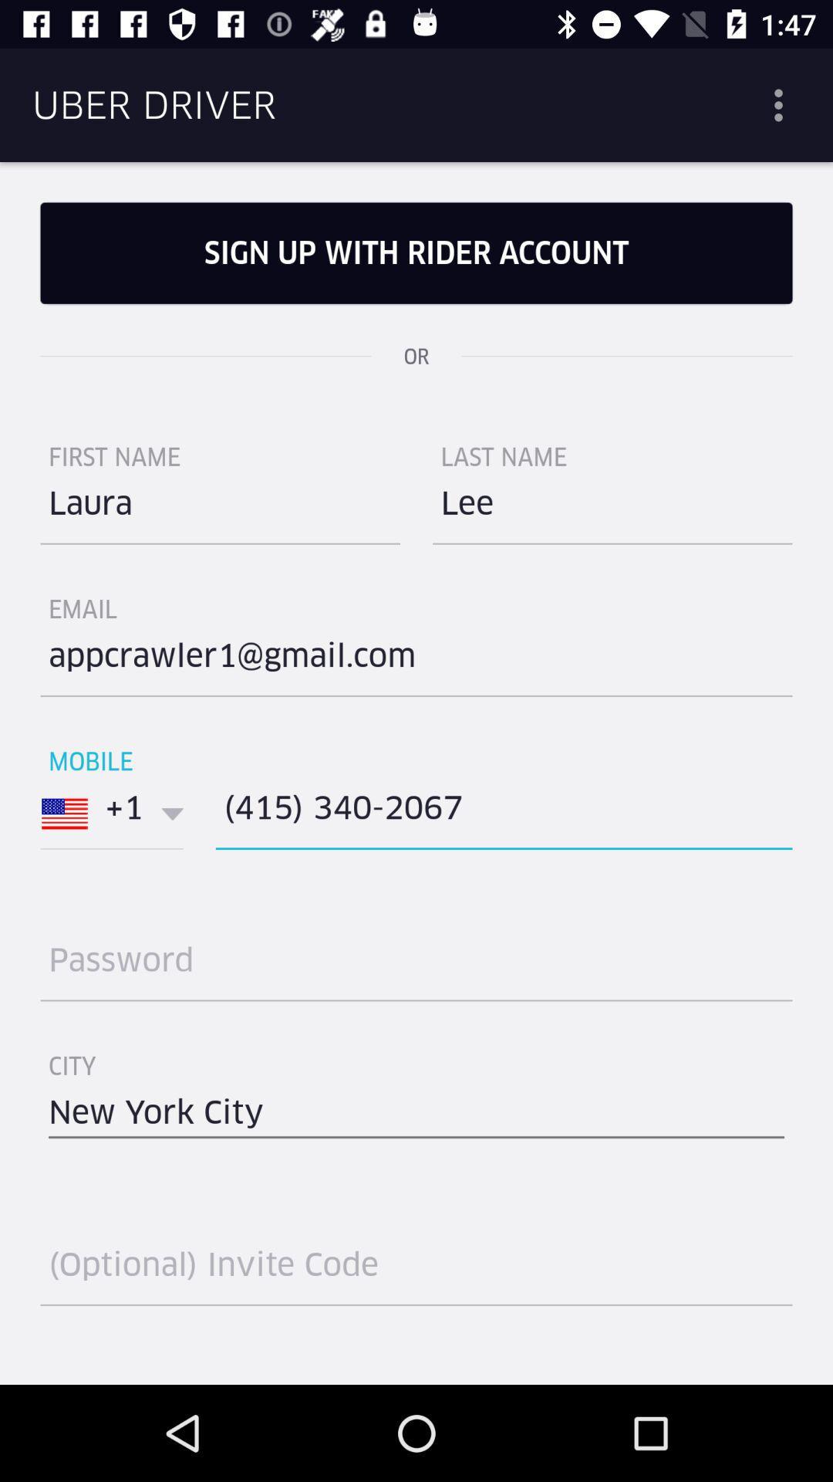 The height and width of the screenshot is (1482, 833). I want to click on optional invite code, so click(416, 1271).